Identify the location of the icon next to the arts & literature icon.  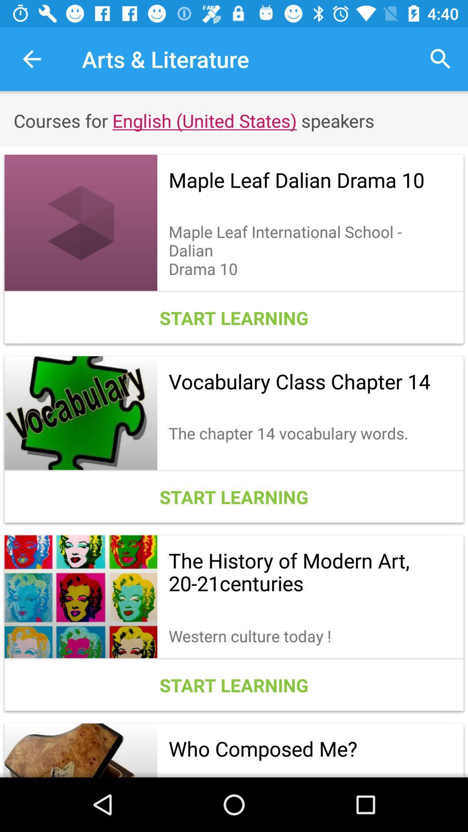
(31, 58).